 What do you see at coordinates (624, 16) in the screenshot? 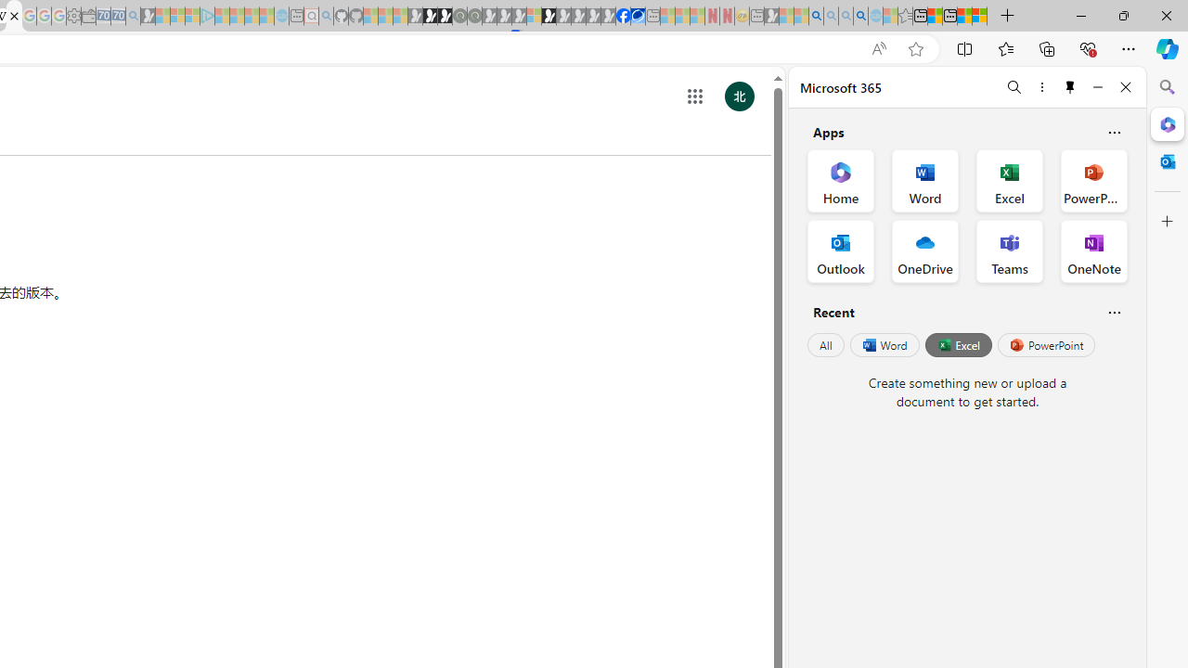
I see `'Nordace | Facebook'` at bounding box center [624, 16].